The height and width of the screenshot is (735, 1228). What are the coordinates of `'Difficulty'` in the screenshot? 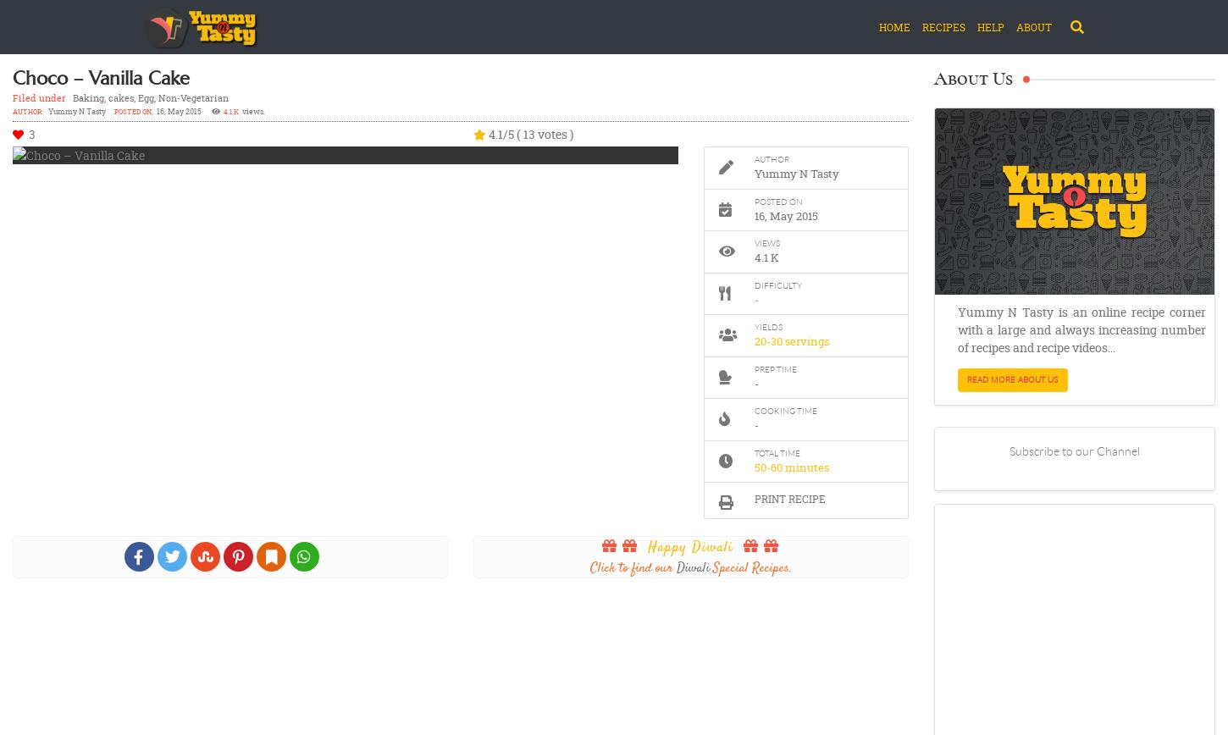 It's located at (776, 285).